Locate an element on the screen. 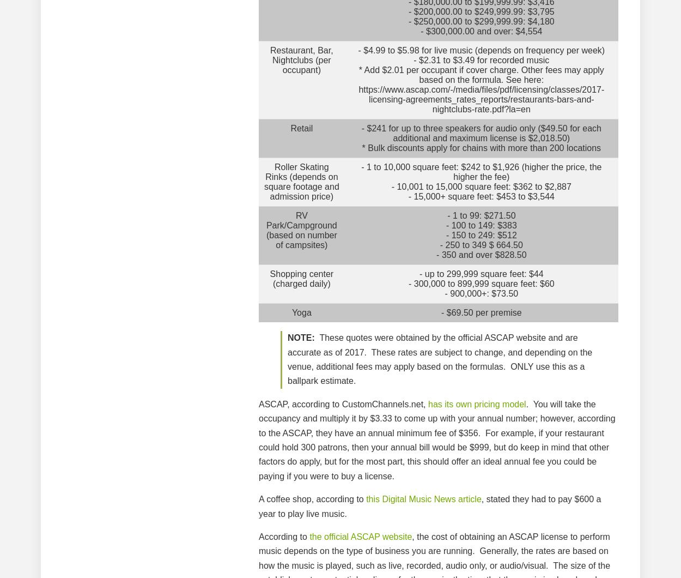  '- $4.99 to $5.98 for live music (depends on frequency per week)' is located at coordinates (481, 50).